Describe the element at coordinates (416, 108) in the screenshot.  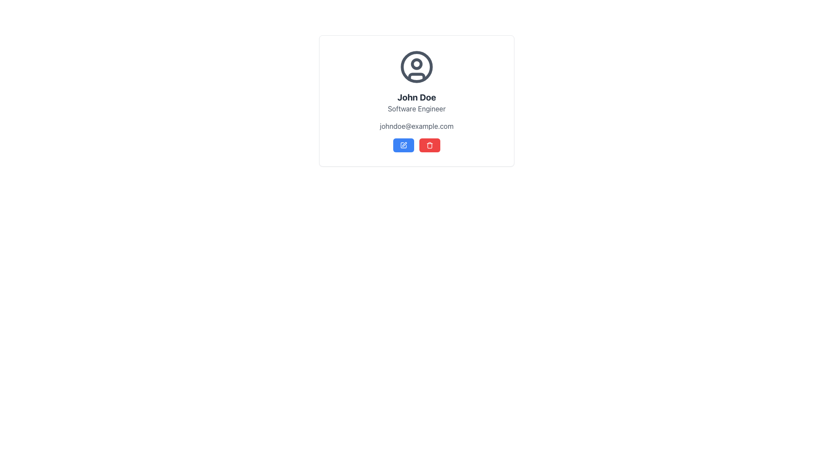
I see `the label displaying 'Software Engineer', which is centrally positioned below the bold 'John Doe' text within the card layout` at that location.